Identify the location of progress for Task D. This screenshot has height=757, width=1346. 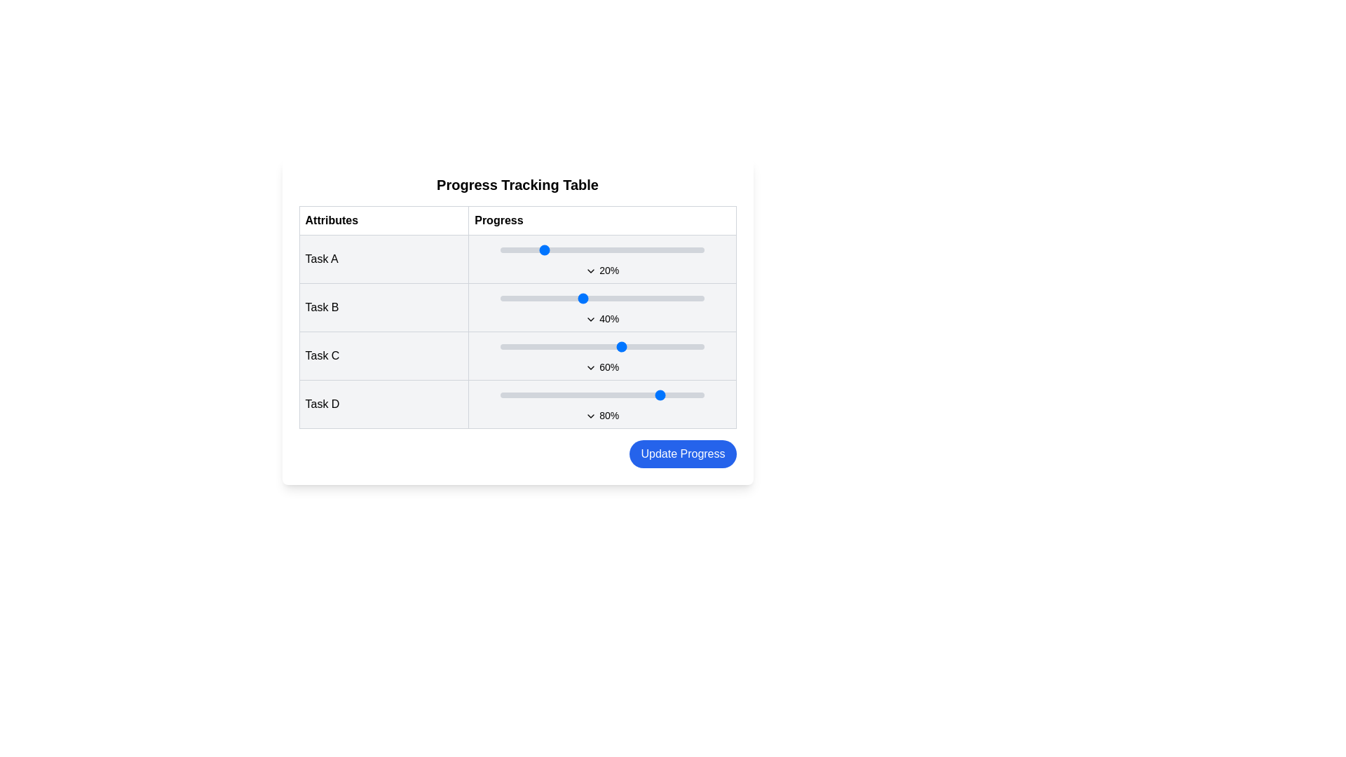
(669, 395).